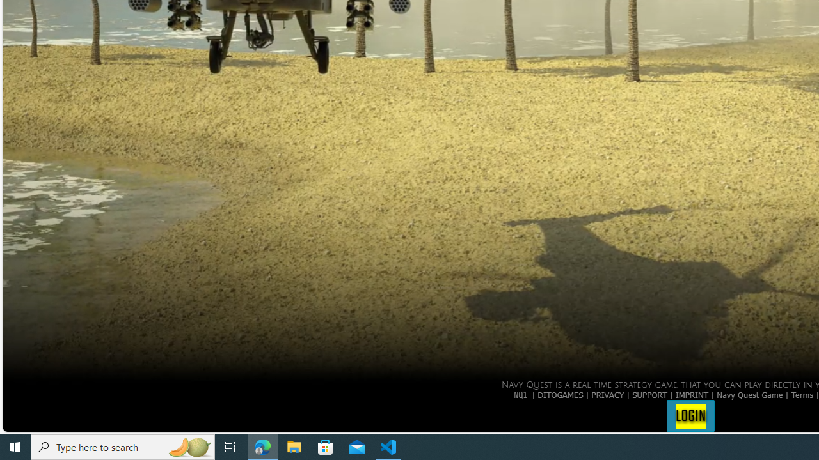  Describe the element at coordinates (294, 446) in the screenshot. I see `'File Explorer'` at that location.